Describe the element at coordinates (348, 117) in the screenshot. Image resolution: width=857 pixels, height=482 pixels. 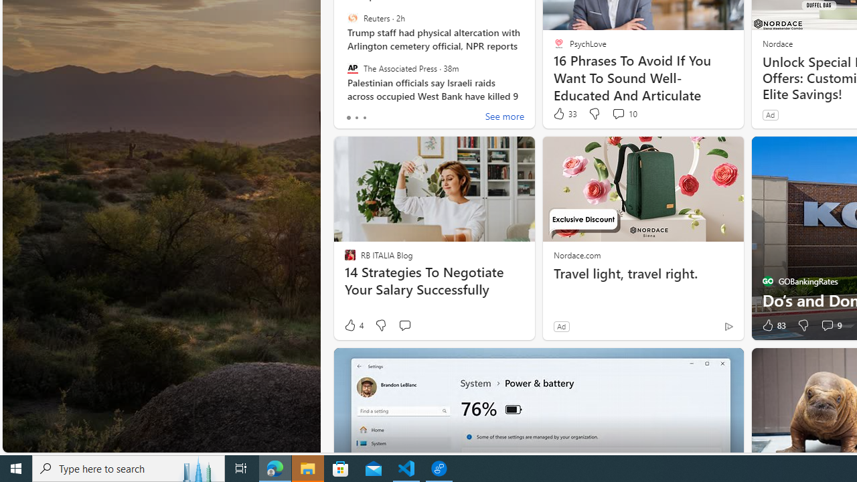
I see `'tab-0'` at that location.